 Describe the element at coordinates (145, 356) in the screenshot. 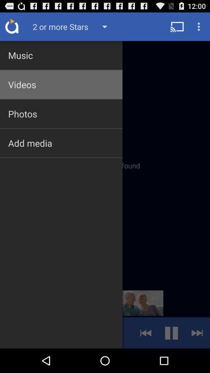

I see `the av_rewind icon` at that location.